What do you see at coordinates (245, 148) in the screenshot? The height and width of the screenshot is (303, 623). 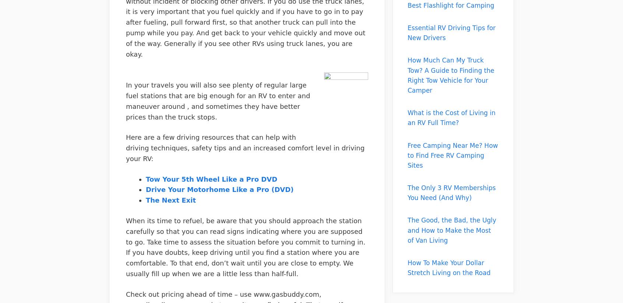 I see `'Here are a few driving resources that can help with driving techniques, safety tips and an increased comfort level in driving your RV:'` at bounding box center [245, 148].